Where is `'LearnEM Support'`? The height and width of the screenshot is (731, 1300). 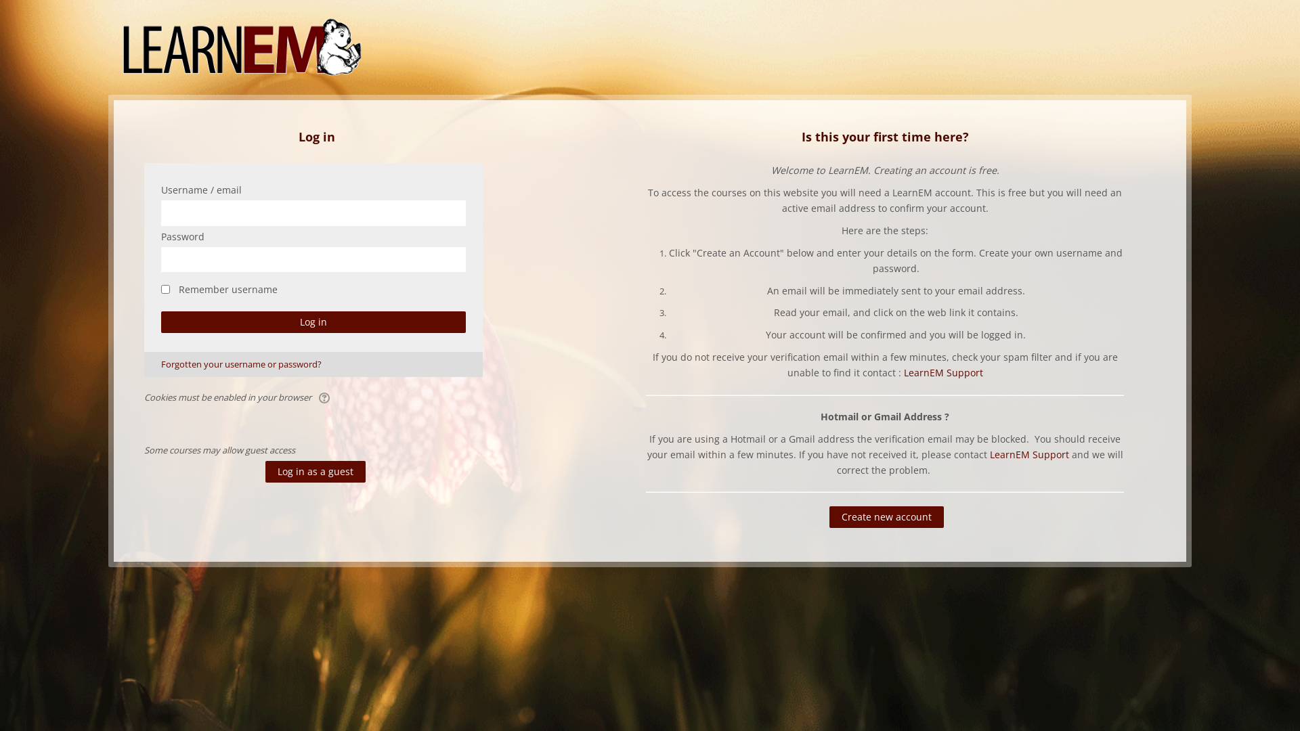
'LearnEM Support' is located at coordinates (942, 372).